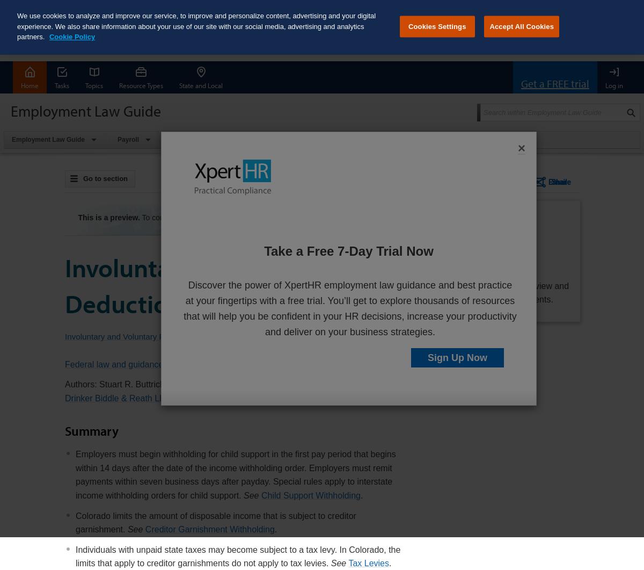  What do you see at coordinates (128, 138) in the screenshot?
I see `'Payroll'` at bounding box center [128, 138].